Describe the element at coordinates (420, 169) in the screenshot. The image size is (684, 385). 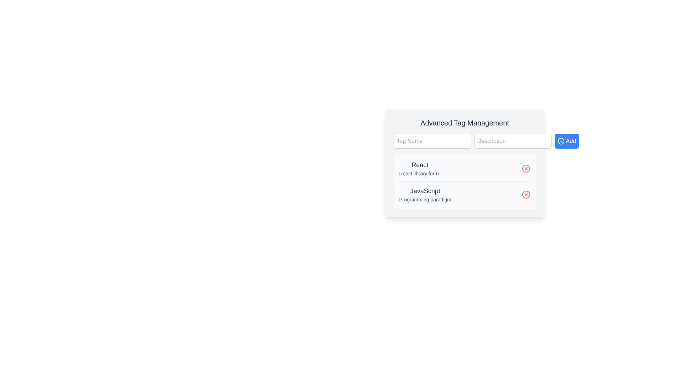
I see `the informational display element labeled 'React' which features a bold title and a lighter description, located in the 'Advanced Tag Management' section above the 'JavaScript' item` at that location.